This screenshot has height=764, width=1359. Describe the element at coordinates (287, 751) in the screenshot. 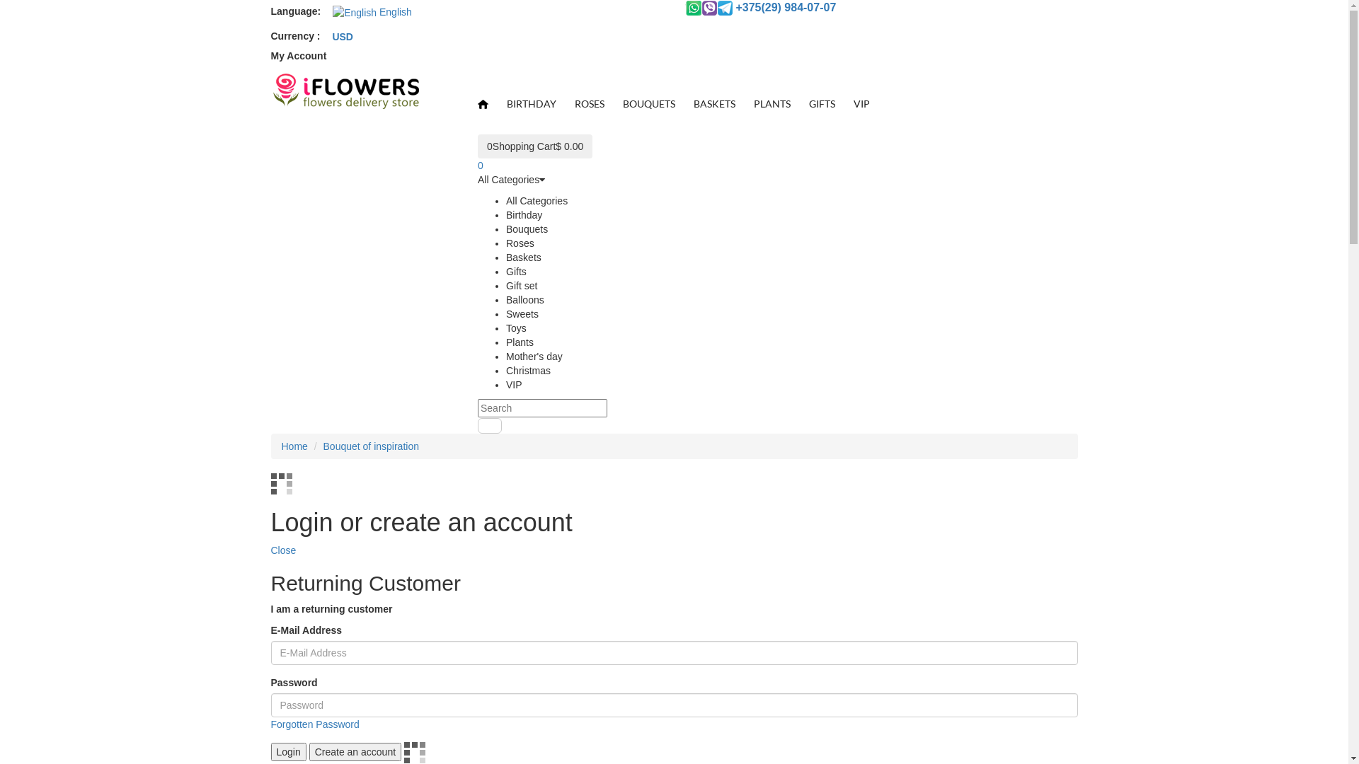

I see `'Login'` at that location.